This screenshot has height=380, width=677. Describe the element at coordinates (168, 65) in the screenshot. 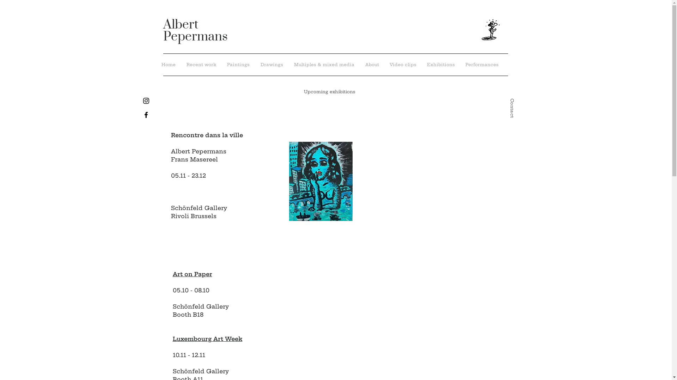

I see `'Home'` at that location.